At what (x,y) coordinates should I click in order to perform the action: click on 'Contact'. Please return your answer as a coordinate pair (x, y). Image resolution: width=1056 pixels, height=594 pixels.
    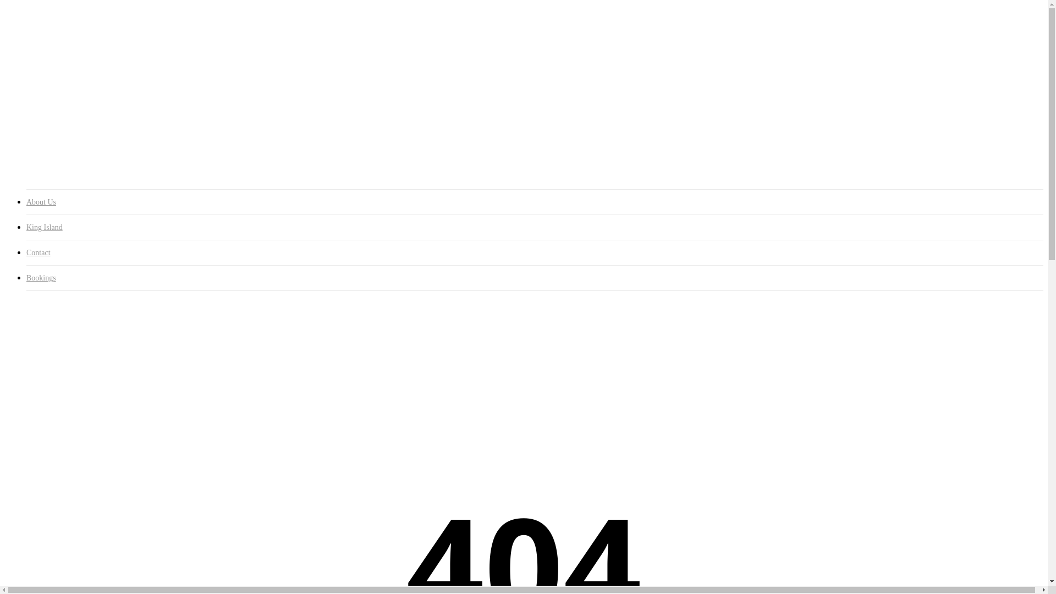
    Looking at the image, I should click on (40, 157).